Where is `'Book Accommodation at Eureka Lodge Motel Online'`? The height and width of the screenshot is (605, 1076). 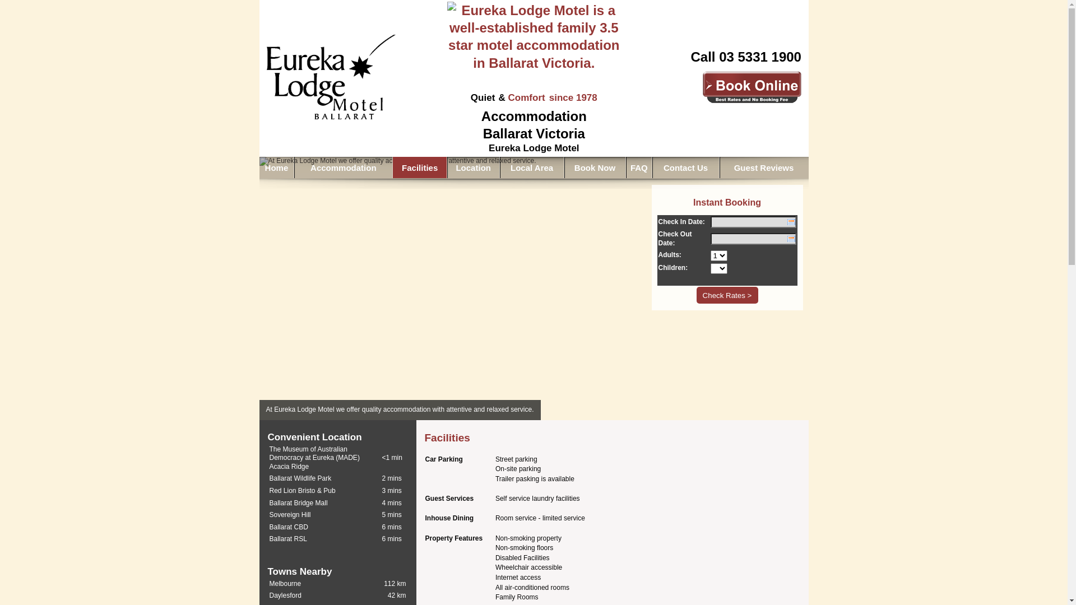 'Book Accommodation at Eureka Lodge Motel Online' is located at coordinates (752, 86).